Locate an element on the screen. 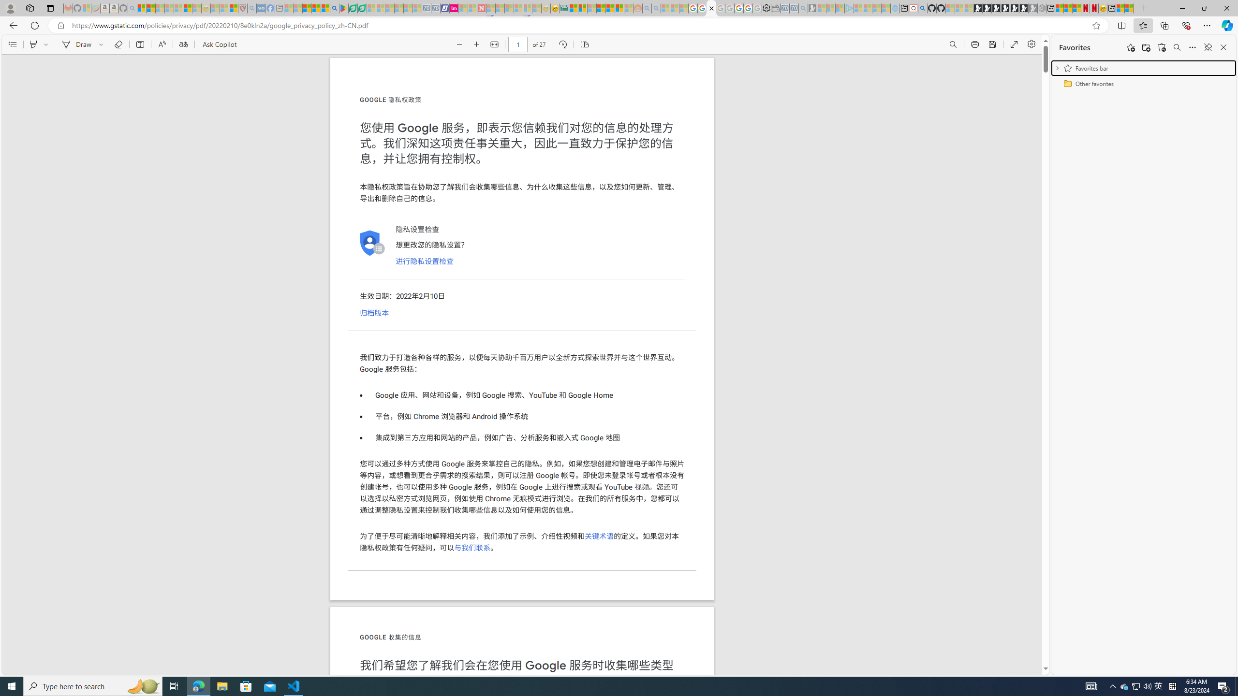 Image resolution: width=1238 pixels, height=696 pixels. 'Add text' is located at coordinates (140, 44).